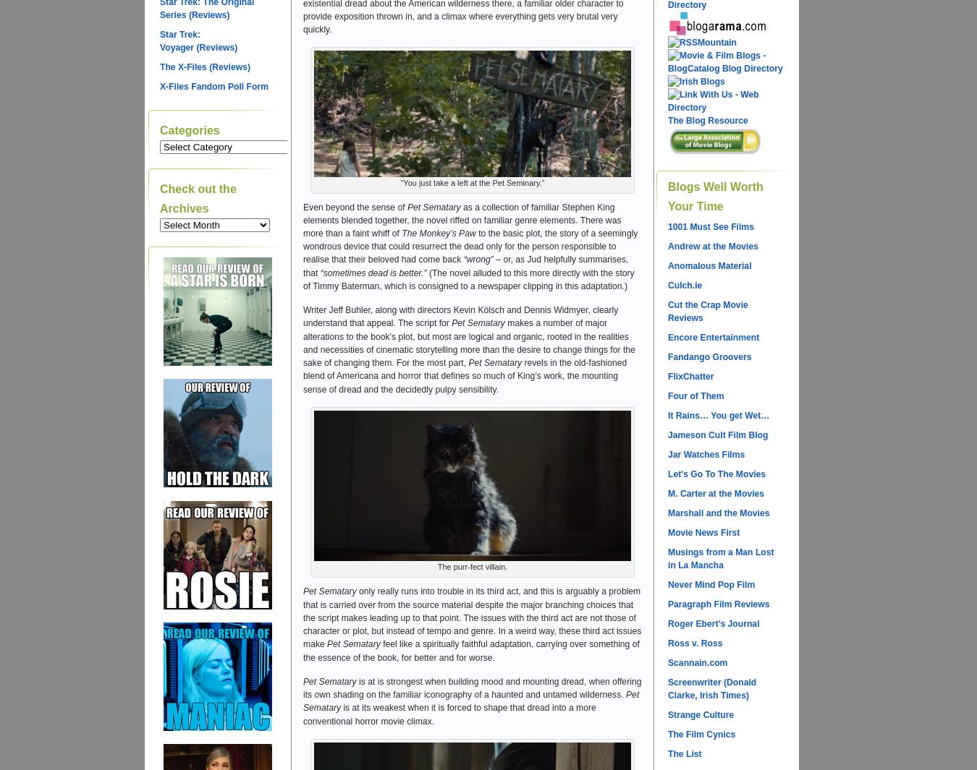 Image resolution: width=977 pixels, height=770 pixels. What do you see at coordinates (460, 316) in the screenshot?
I see `'Writer Jeff Buhler, along with directors Kevin Kölsch and Dennis Widmyer, clearly understand that appeal. The script for'` at bounding box center [460, 316].